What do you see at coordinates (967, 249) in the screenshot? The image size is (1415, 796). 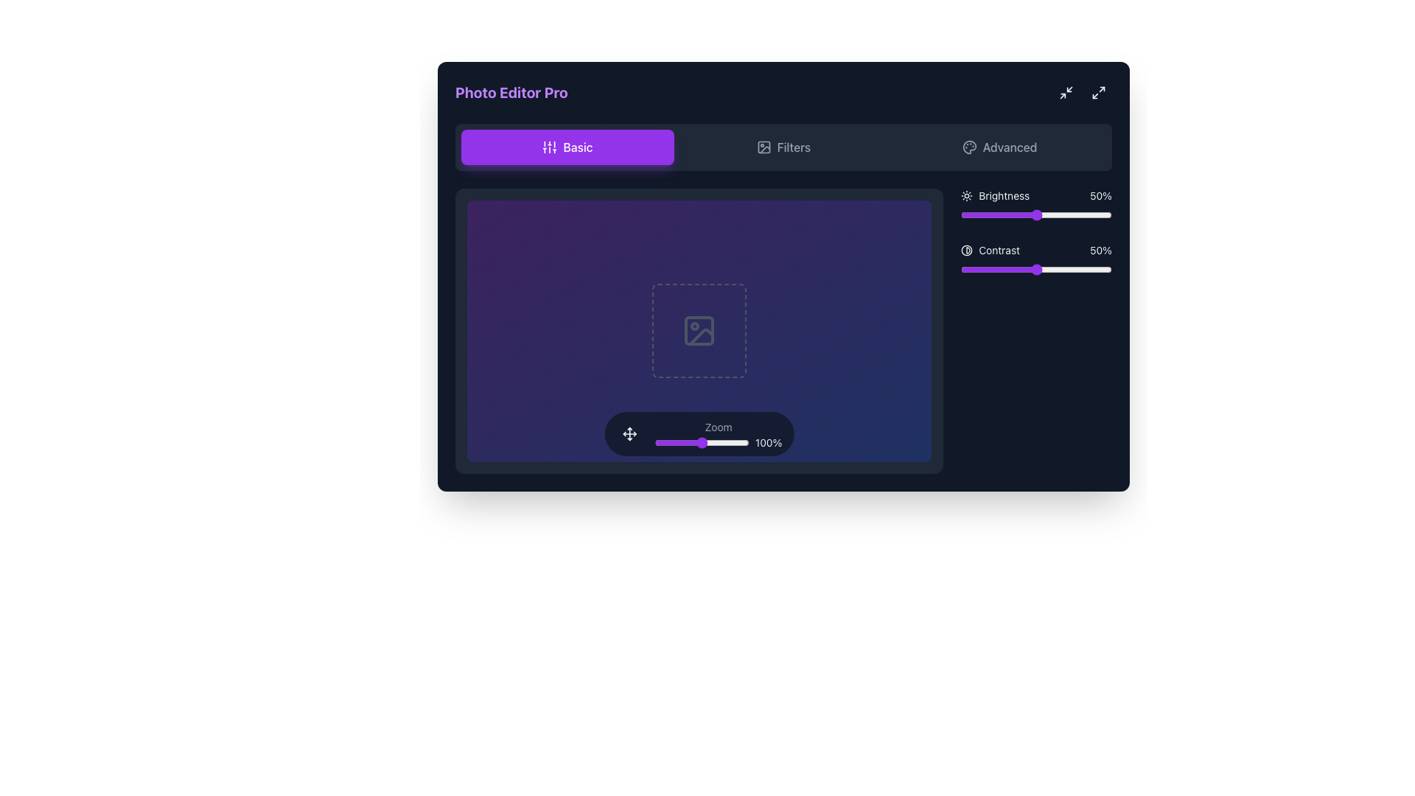 I see `the small circular contrast adjustment icon located to the left of the word 'Contrast' in the Basic adjustments section of the right panel` at bounding box center [967, 249].